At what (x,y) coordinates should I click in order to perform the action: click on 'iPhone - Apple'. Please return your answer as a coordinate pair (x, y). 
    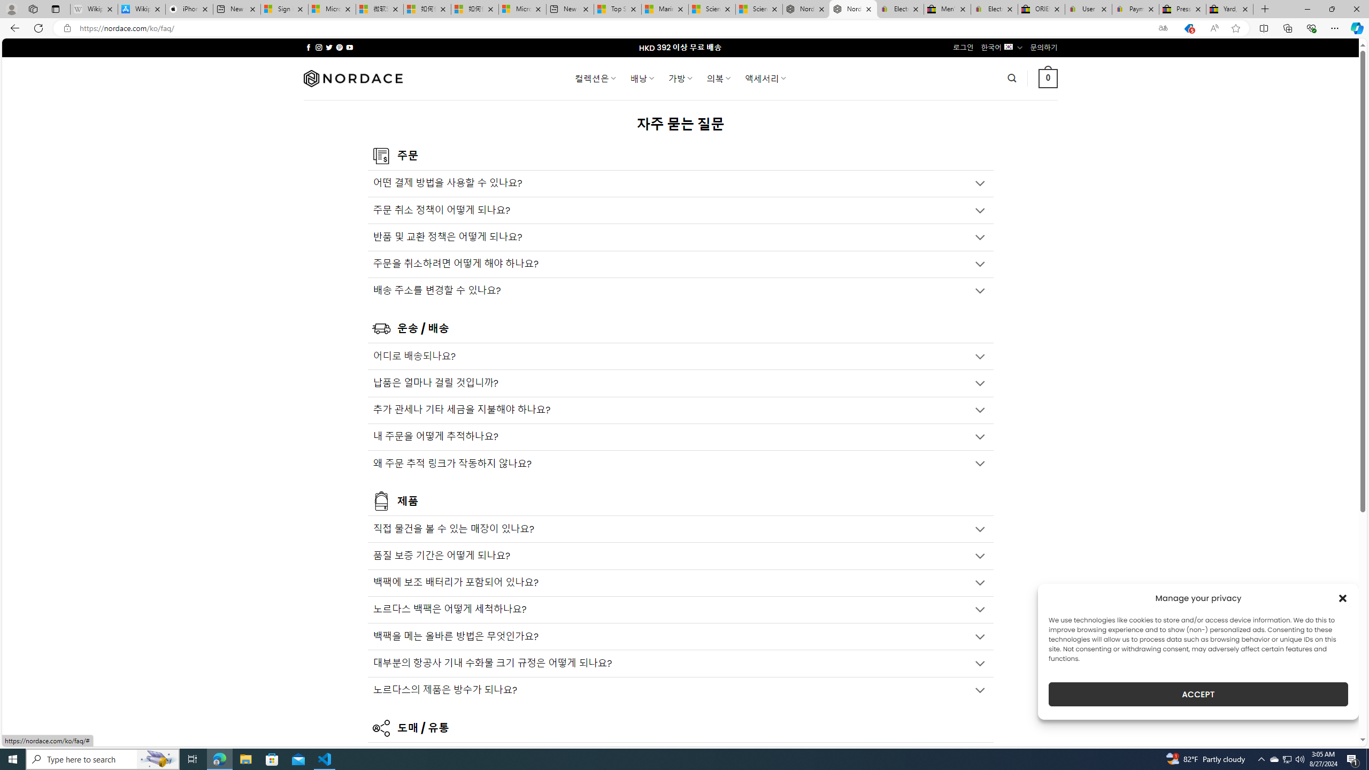
    Looking at the image, I should click on (189, 9).